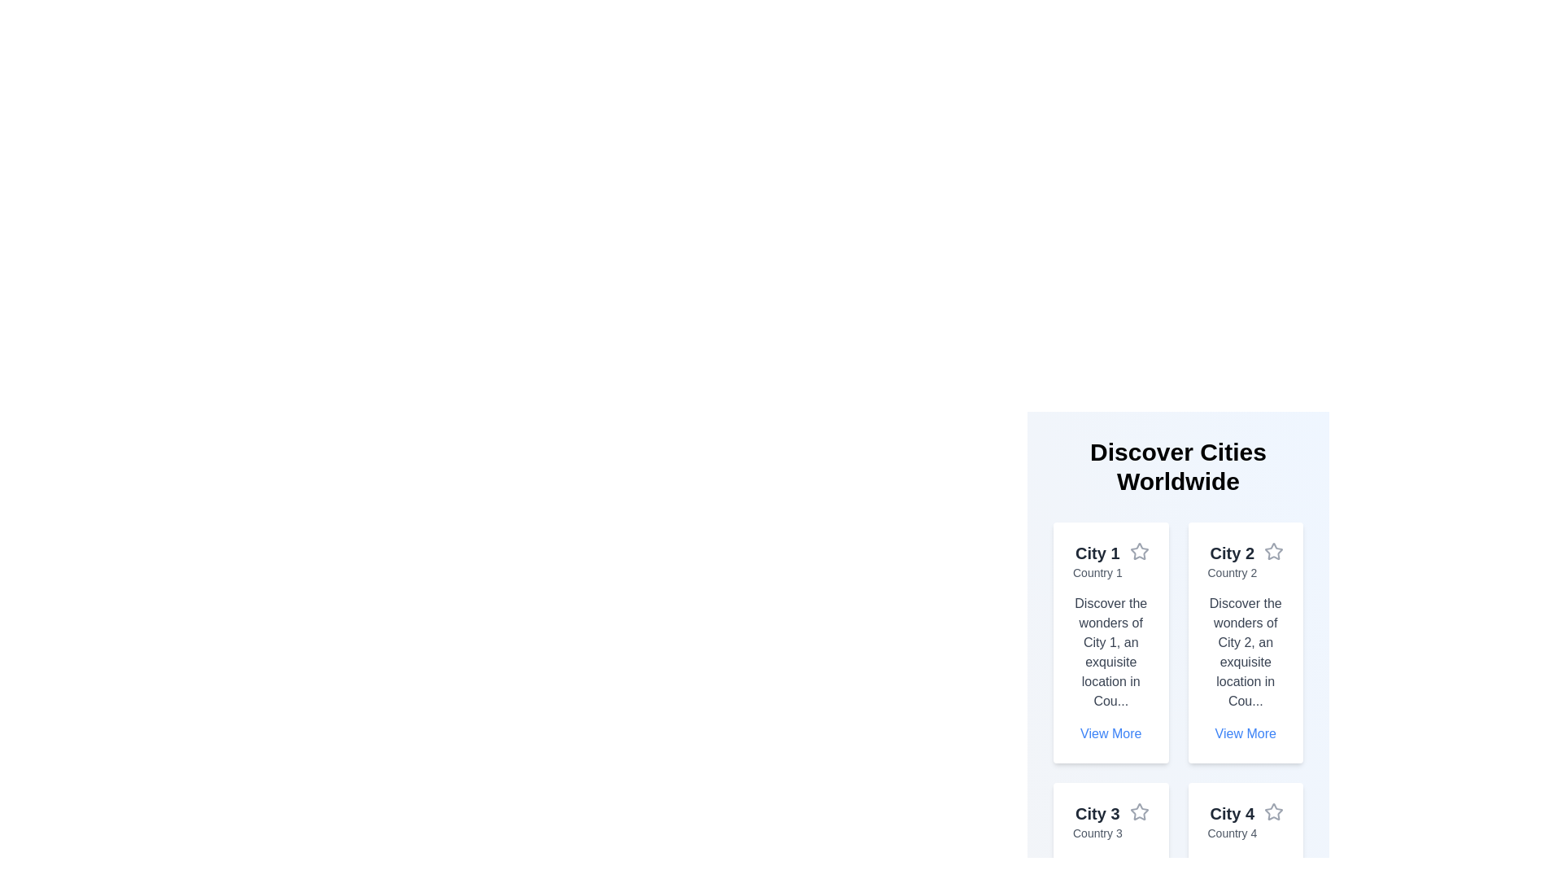 This screenshot has height=879, width=1562. Describe the element at coordinates (1232, 572) in the screenshot. I see `assistive technologies` at that location.